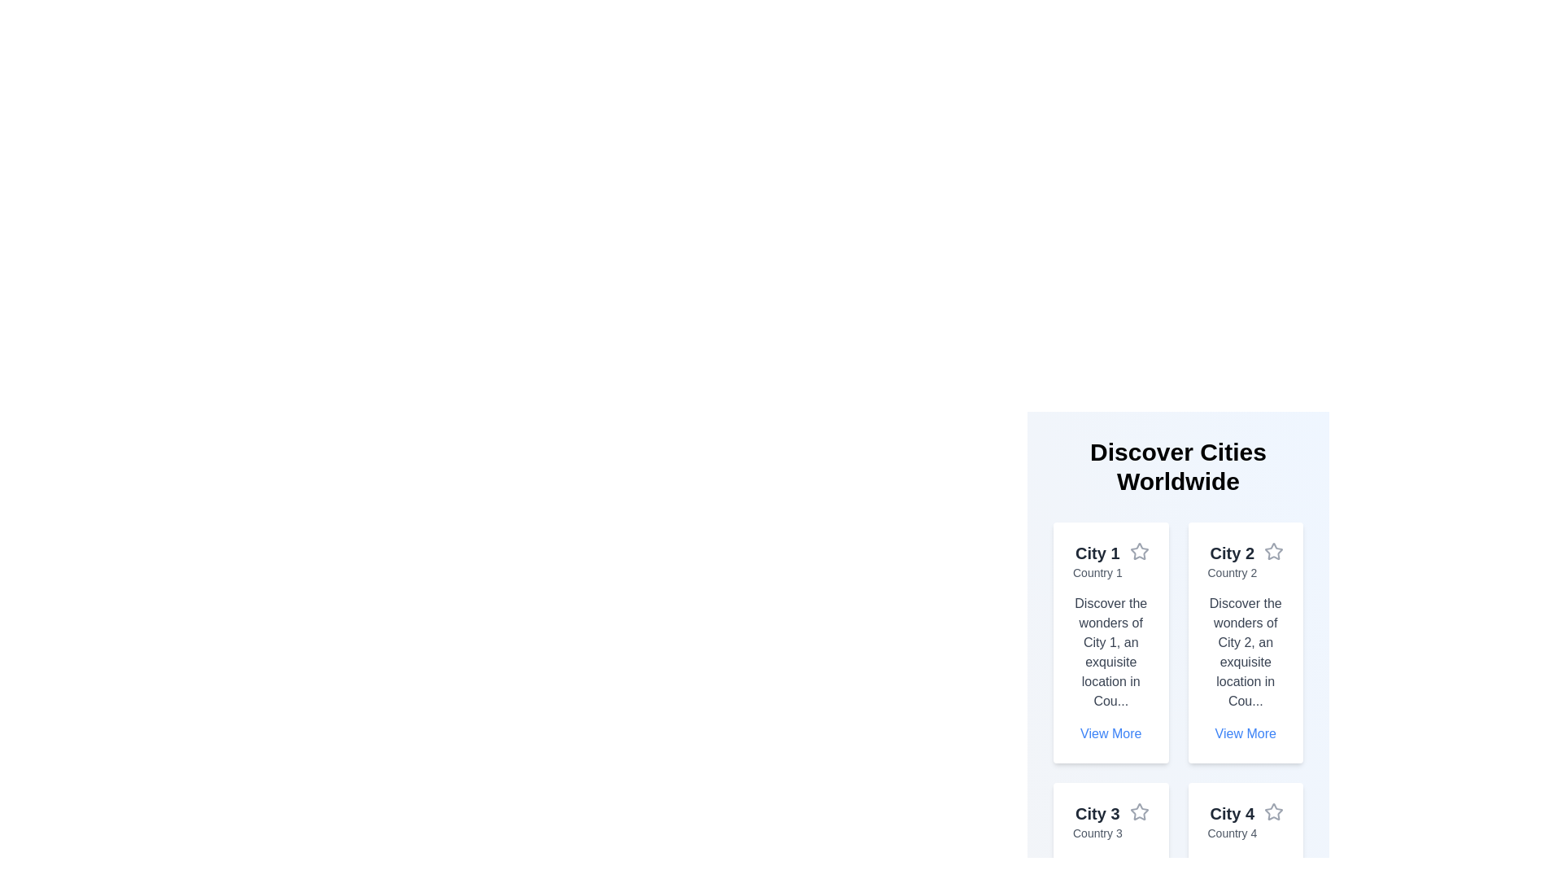 This screenshot has height=879, width=1562. Describe the element at coordinates (1232, 572) in the screenshot. I see `assistive technologies` at that location.